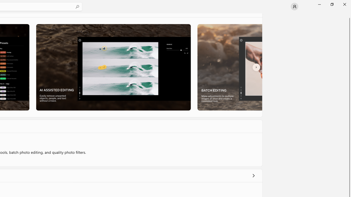 This screenshot has height=197, width=351. I want to click on 'Close Microsoft Store', so click(344, 4).